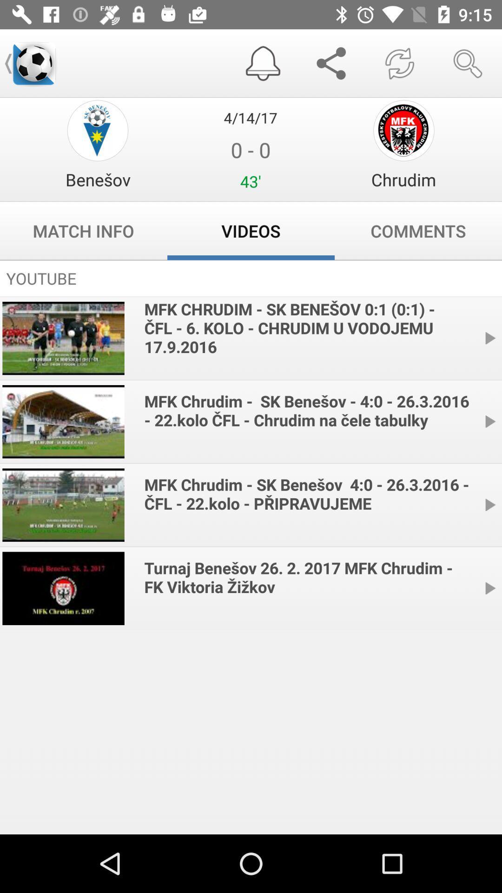 Image resolution: width=502 pixels, height=893 pixels. What do you see at coordinates (250, 117) in the screenshot?
I see `4/14/17` at bounding box center [250, 117].